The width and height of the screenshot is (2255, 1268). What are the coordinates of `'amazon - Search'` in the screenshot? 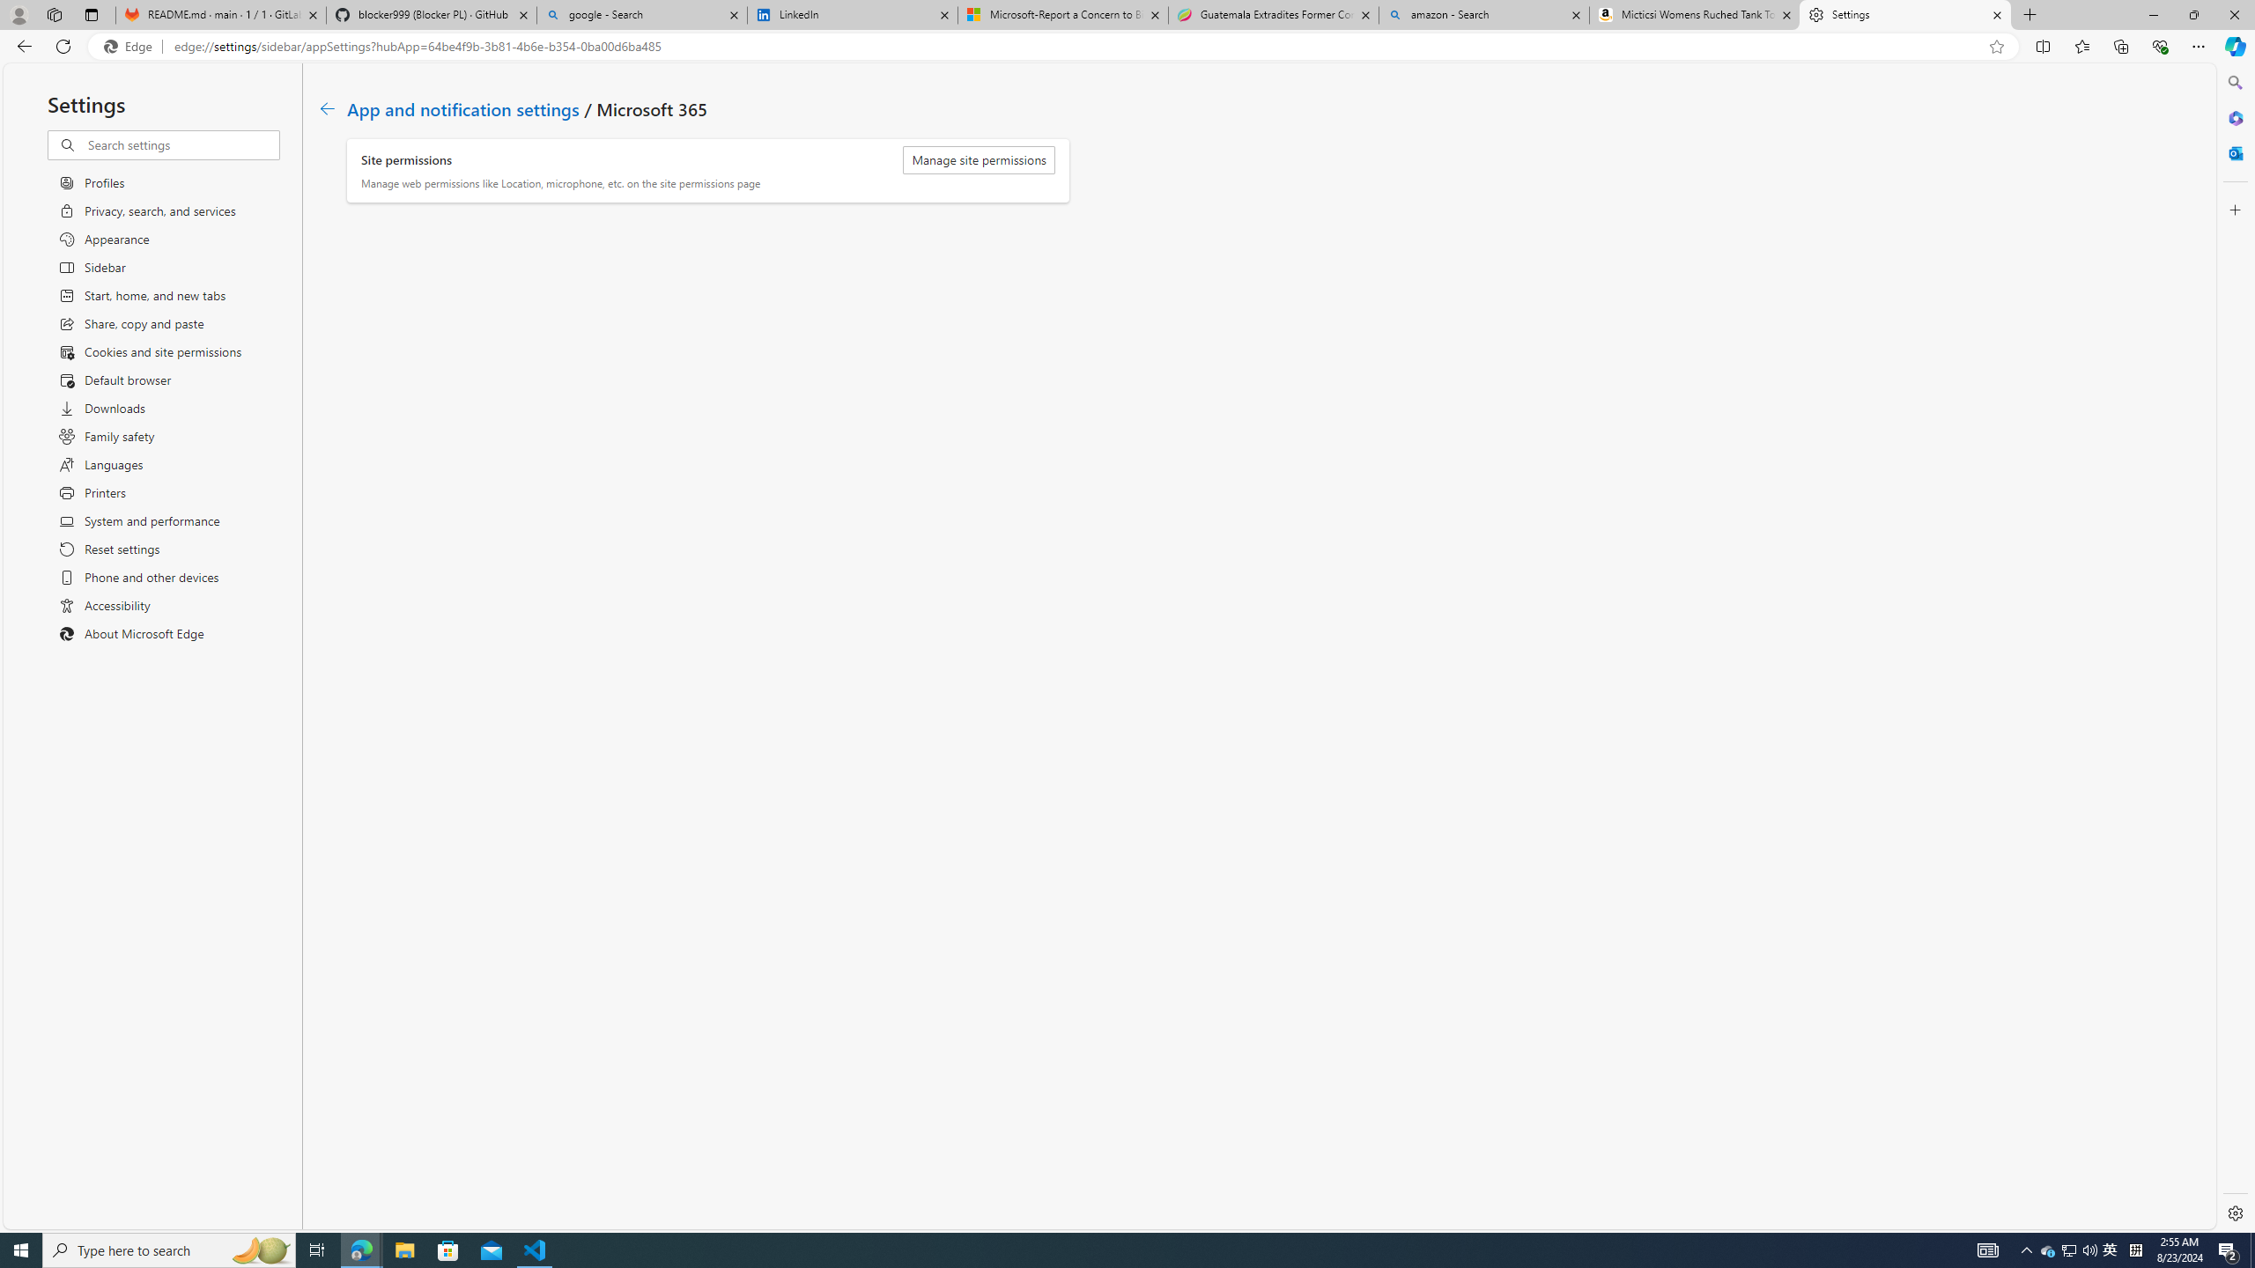 It's located at (1482, 14).